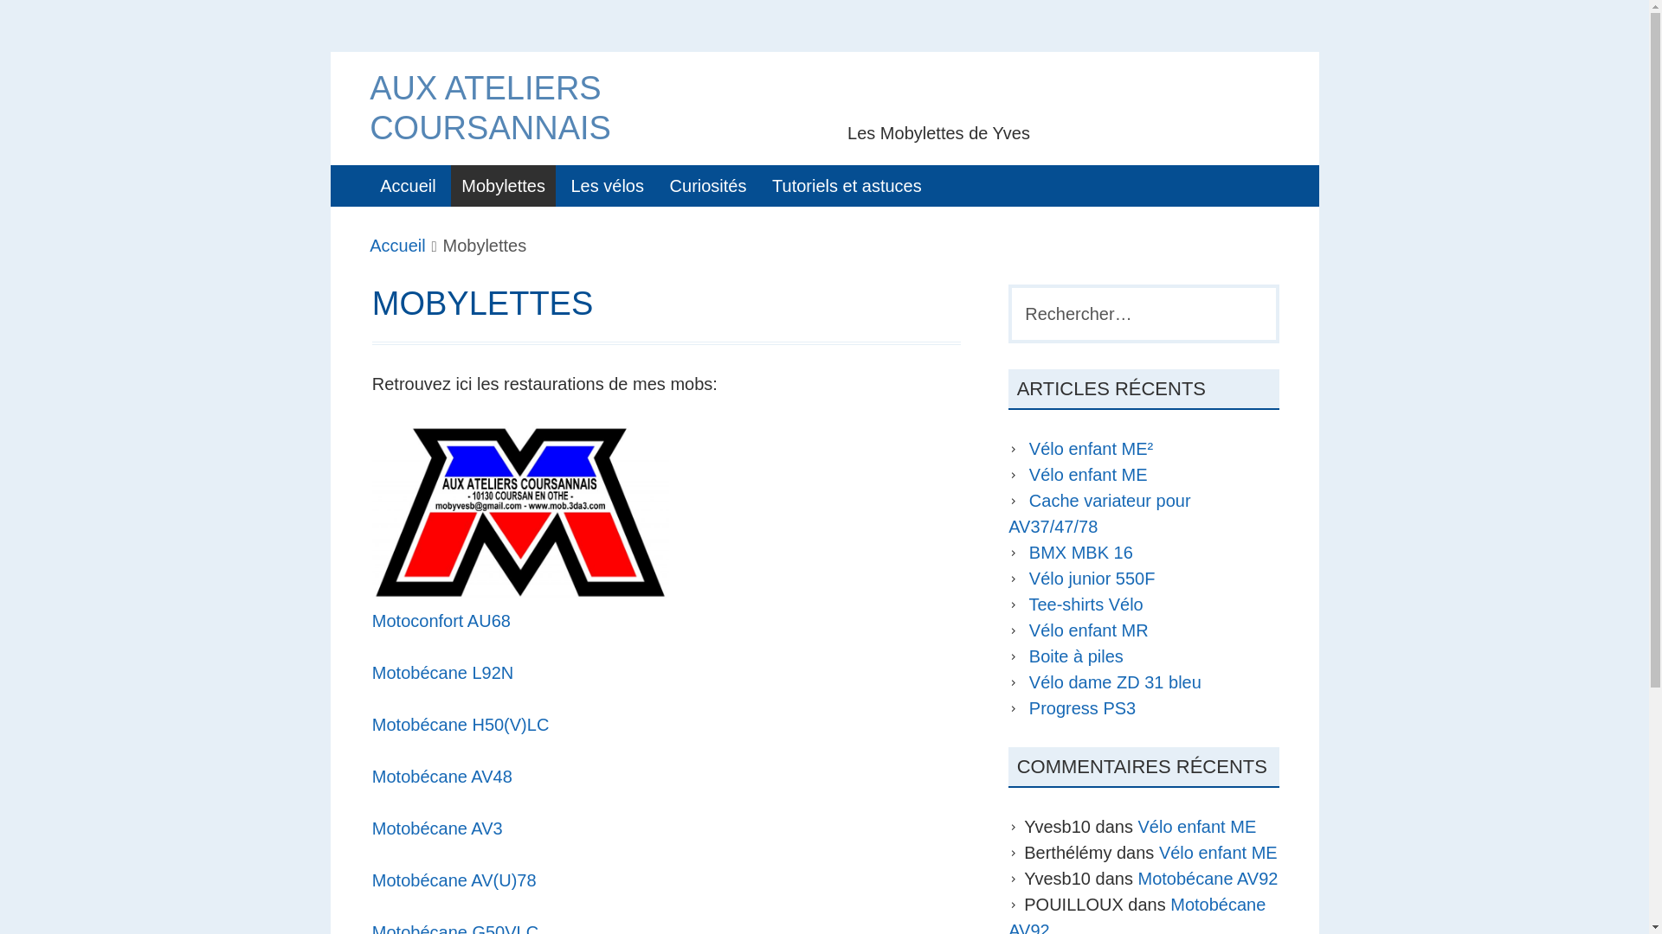  What do you see at coordinates (489, 107) in the screenshot?
I see `'AUX ATELIERS COURSANNAIS'` at bounding box center [489, 107].